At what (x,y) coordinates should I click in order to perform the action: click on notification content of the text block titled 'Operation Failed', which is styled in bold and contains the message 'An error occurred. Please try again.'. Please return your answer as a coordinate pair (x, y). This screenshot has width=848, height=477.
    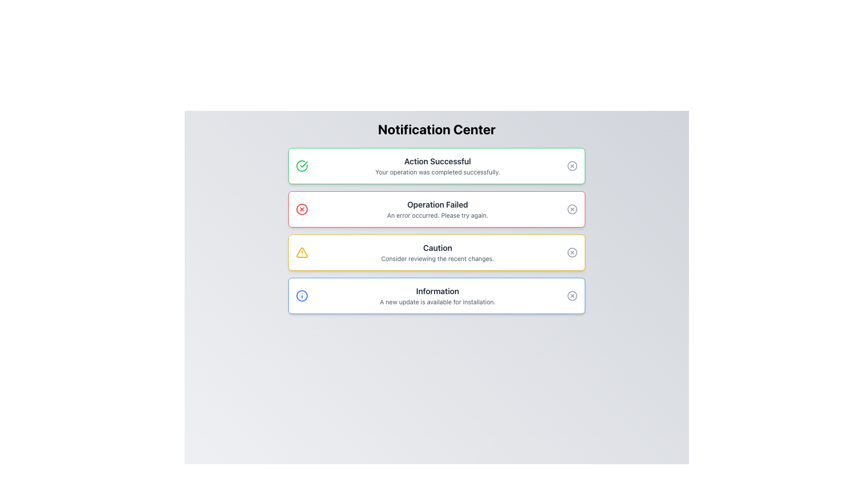
    Looking at the image, I should click on (437, 209).